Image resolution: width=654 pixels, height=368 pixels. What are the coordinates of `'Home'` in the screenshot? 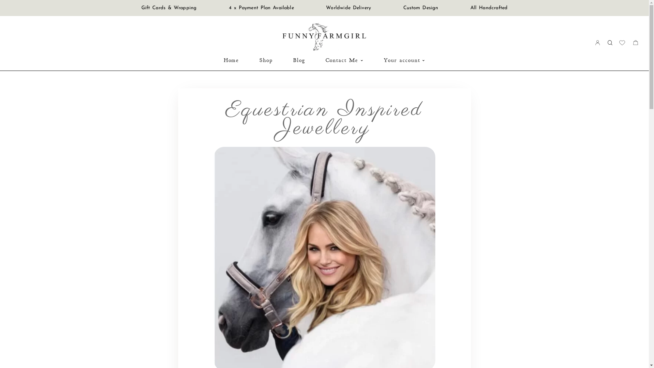 It's located at (232, 60).